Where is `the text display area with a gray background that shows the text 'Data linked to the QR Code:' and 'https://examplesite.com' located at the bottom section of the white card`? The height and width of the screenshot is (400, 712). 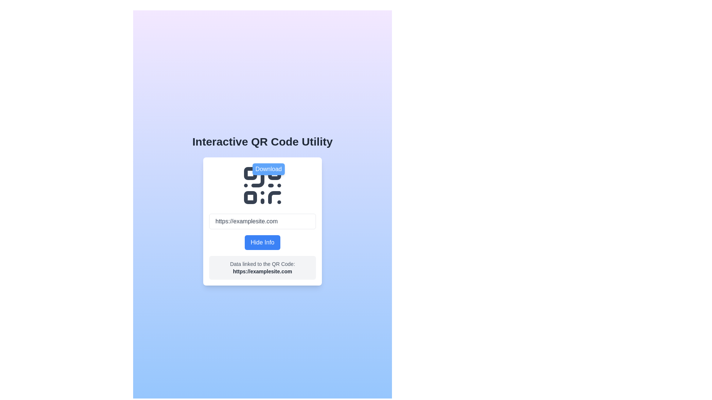 the text display area with a gray background that shows the text 'Data linked to the QR Code:' and 'https://examplesite.com' located at the bottom section of the white card is located at coordinates (263, 267).